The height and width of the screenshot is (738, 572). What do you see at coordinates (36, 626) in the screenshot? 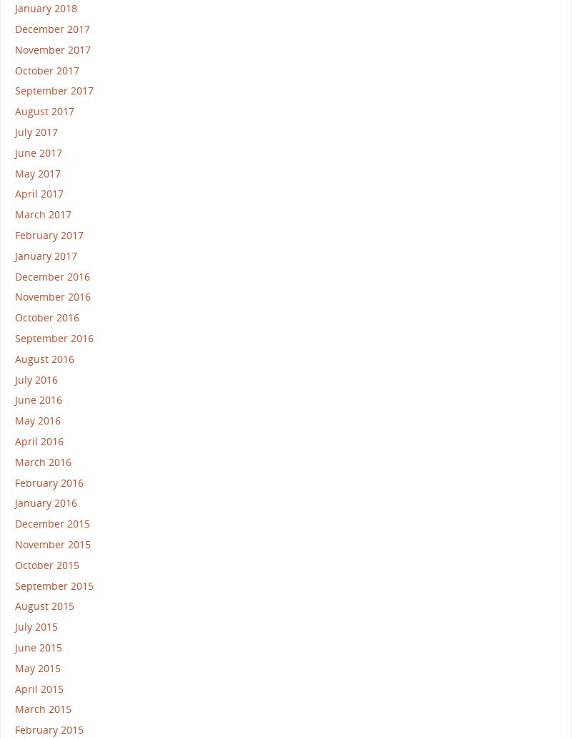
I see `'July 2015'` at bounding box center [36, 626].